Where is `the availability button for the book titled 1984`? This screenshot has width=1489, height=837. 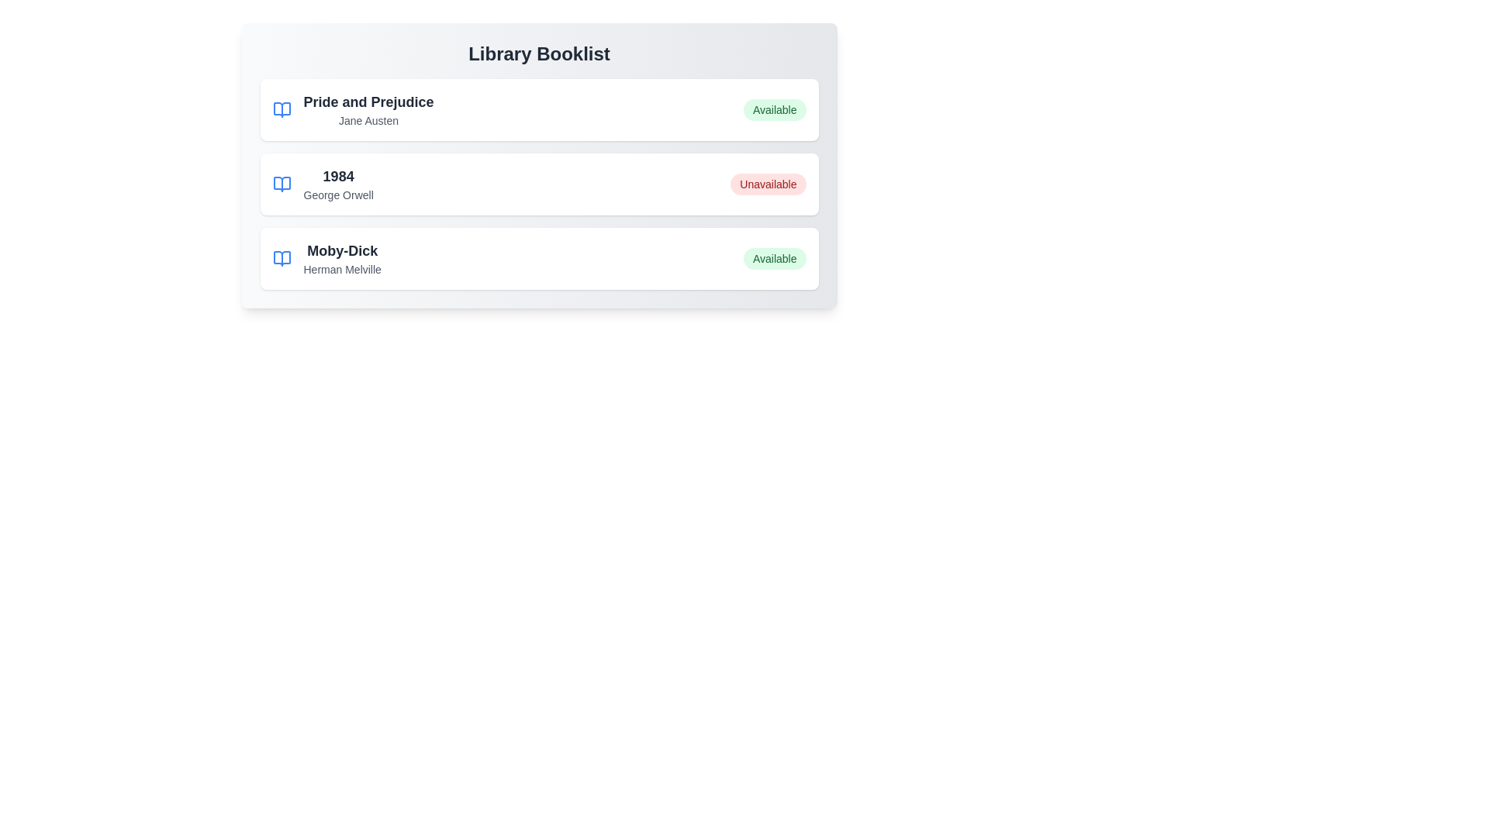
the availability button for the book titled 1984 is located at coordinates (768, 184).